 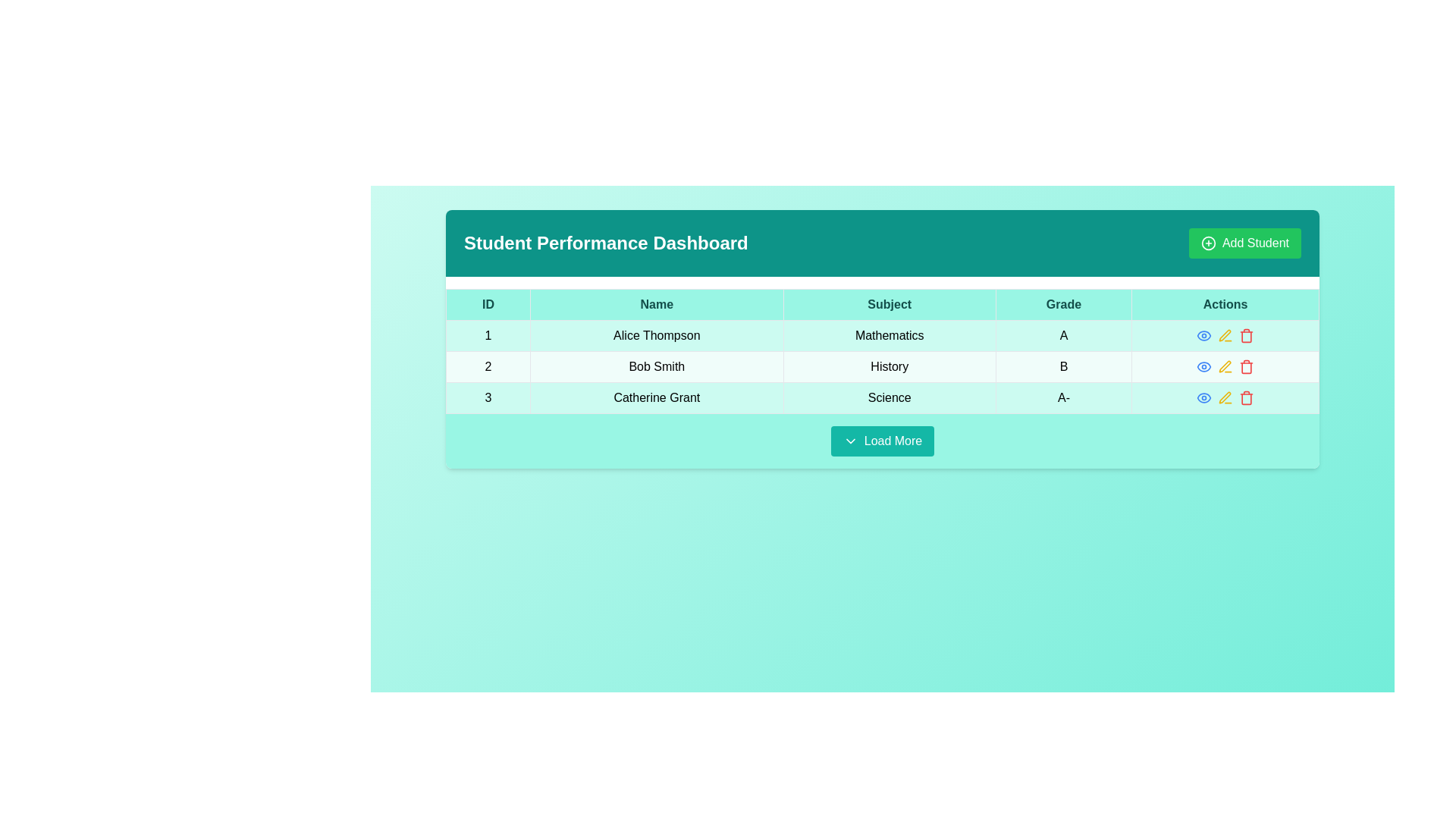 I want to click on the yellow pen icon in the 'Actions' column of the second row, so click(x=1225, y=366).